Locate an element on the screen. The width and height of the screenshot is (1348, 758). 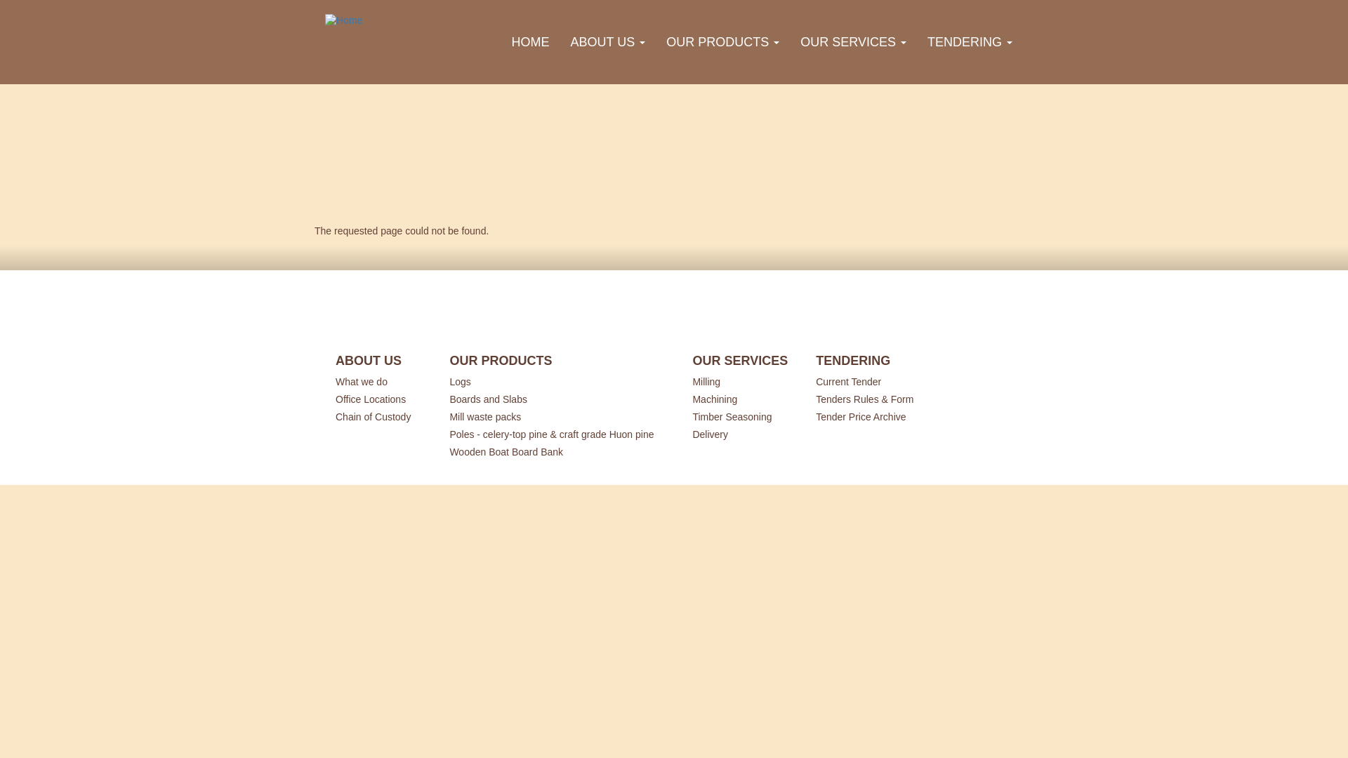
'Milling' is located at coordinates (736, 380).